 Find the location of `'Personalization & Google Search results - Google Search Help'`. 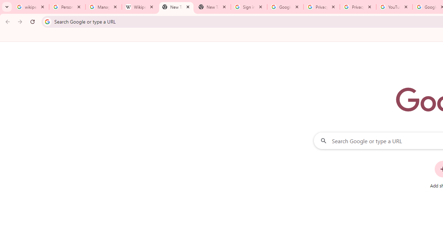

'Personalization & Google Search results - Google Search Help' is located at coordinates (67, 7).